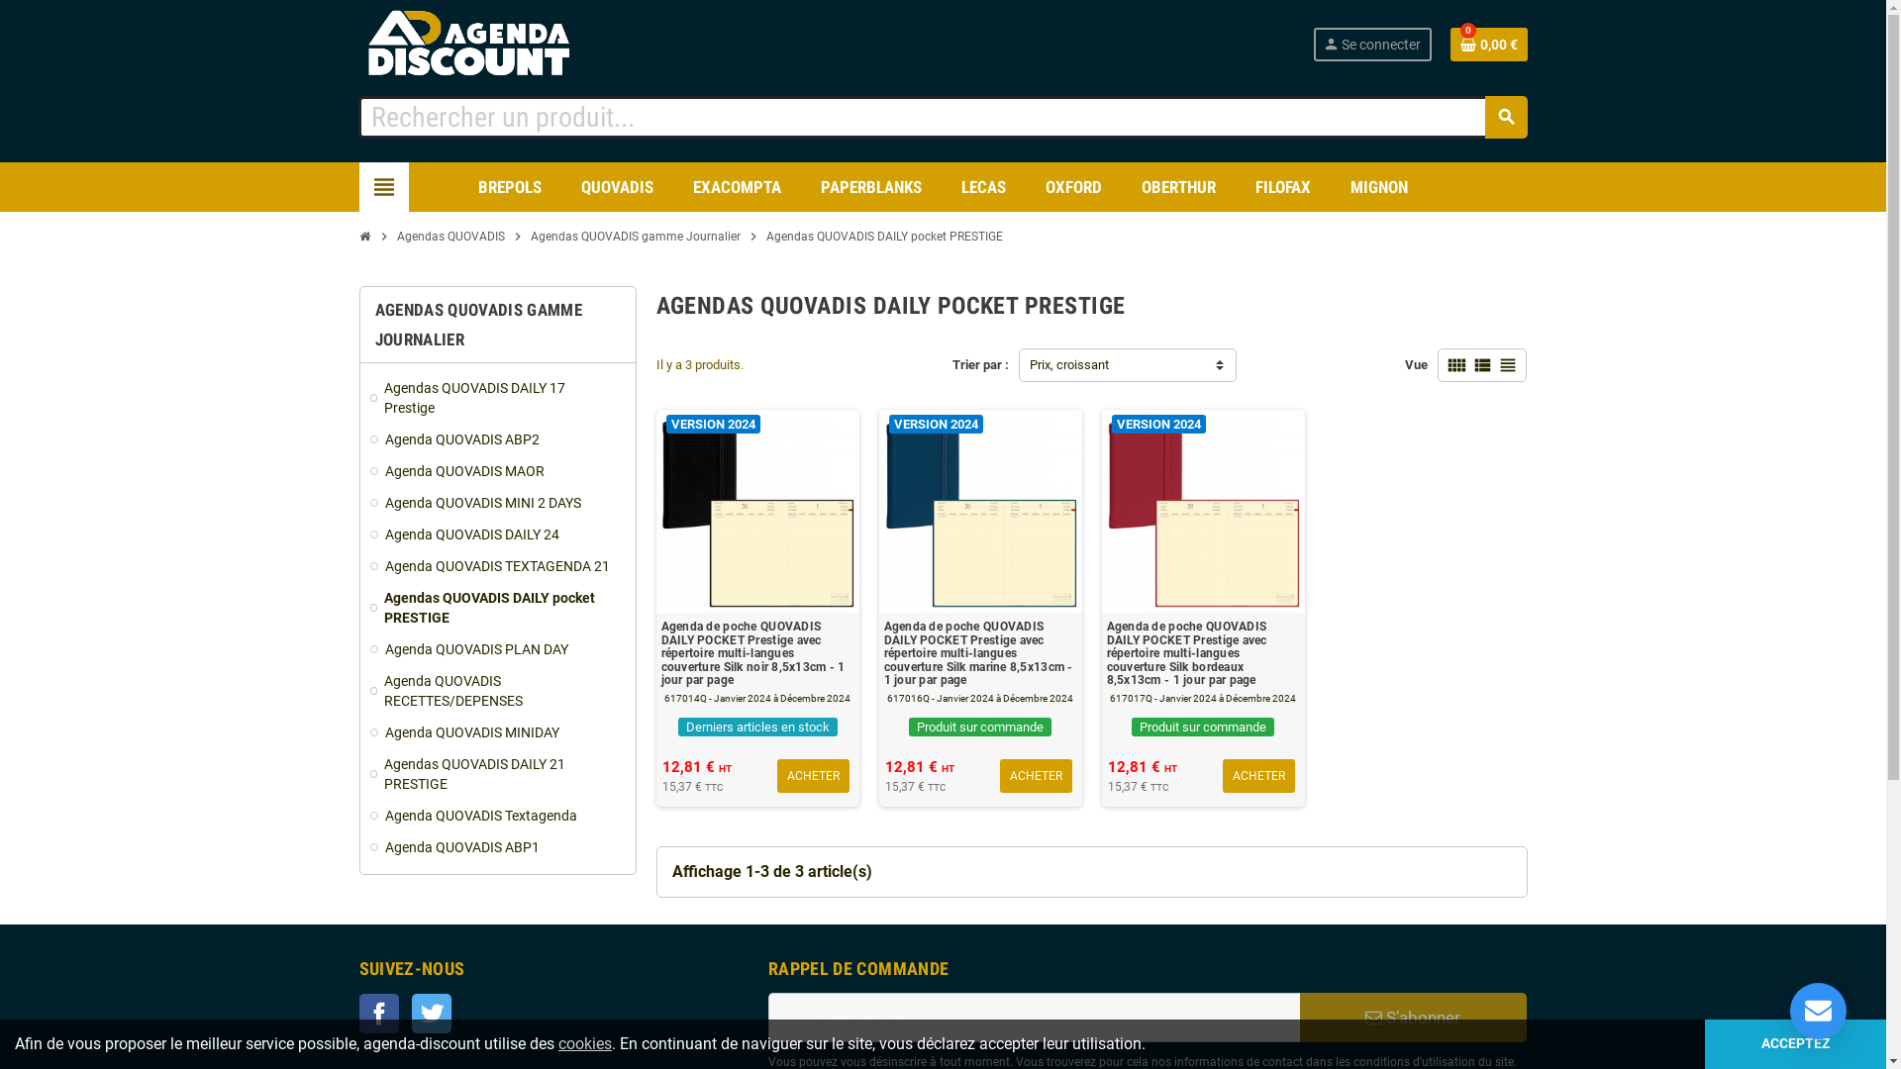 The height and width of the screenshot is (1069, 1901). What do you see at coordinates (1455, 365) in the screenshot?
I see `'view_comfy'` at bounding box center [1455, 365].